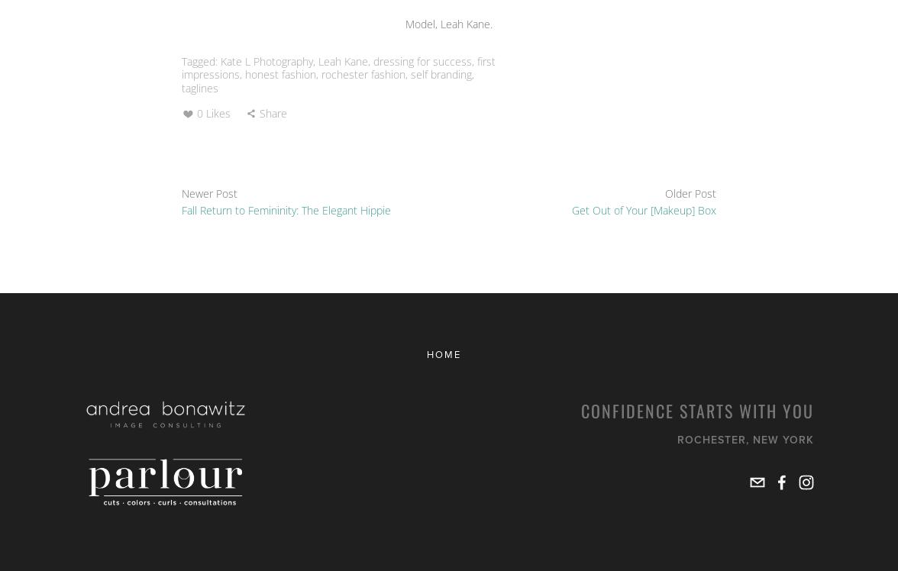 Image resolution: width=898 pixels, height=571 pixels. What do you see at coordinates (182, 209) in the screenshot?
I see `'Fall Return to Femininity: The Elegant Hippie'` at bounding box center [182, 209].